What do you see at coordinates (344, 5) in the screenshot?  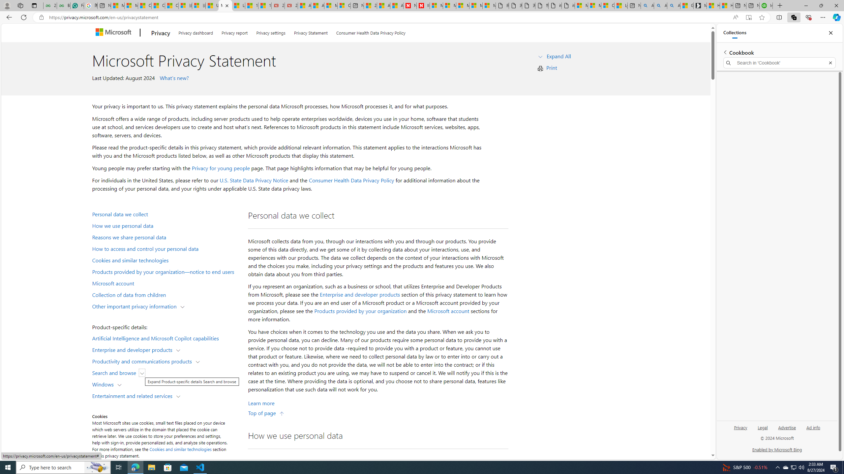 I see `'Cloud Computing Services | Microsoft Azure'` at bounding box center [344, 5].